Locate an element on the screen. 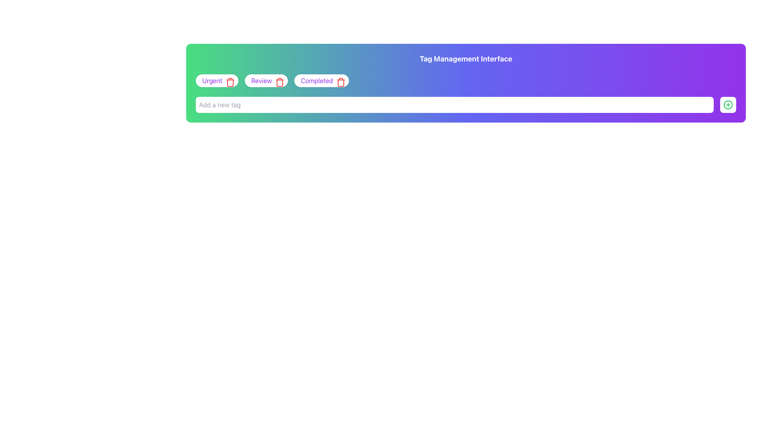 The height and width of the screenshot is (434, 772). the text input field within the composite element containing a '+' button to begin typing is located at coordinates (466, 104).